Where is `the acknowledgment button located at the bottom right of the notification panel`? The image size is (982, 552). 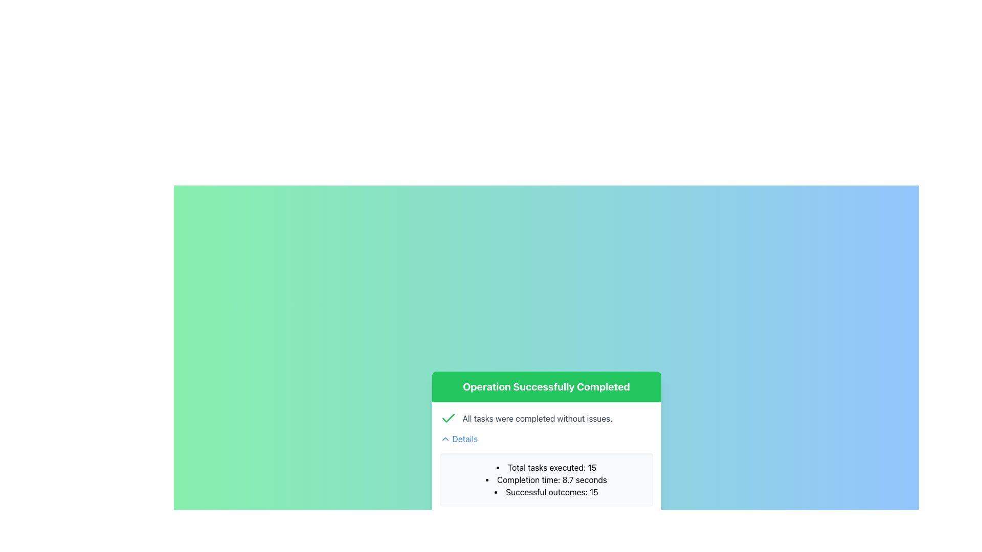 the acknowledgment button located at the bottom right of the notification panel is located at coordinates (571, 532).